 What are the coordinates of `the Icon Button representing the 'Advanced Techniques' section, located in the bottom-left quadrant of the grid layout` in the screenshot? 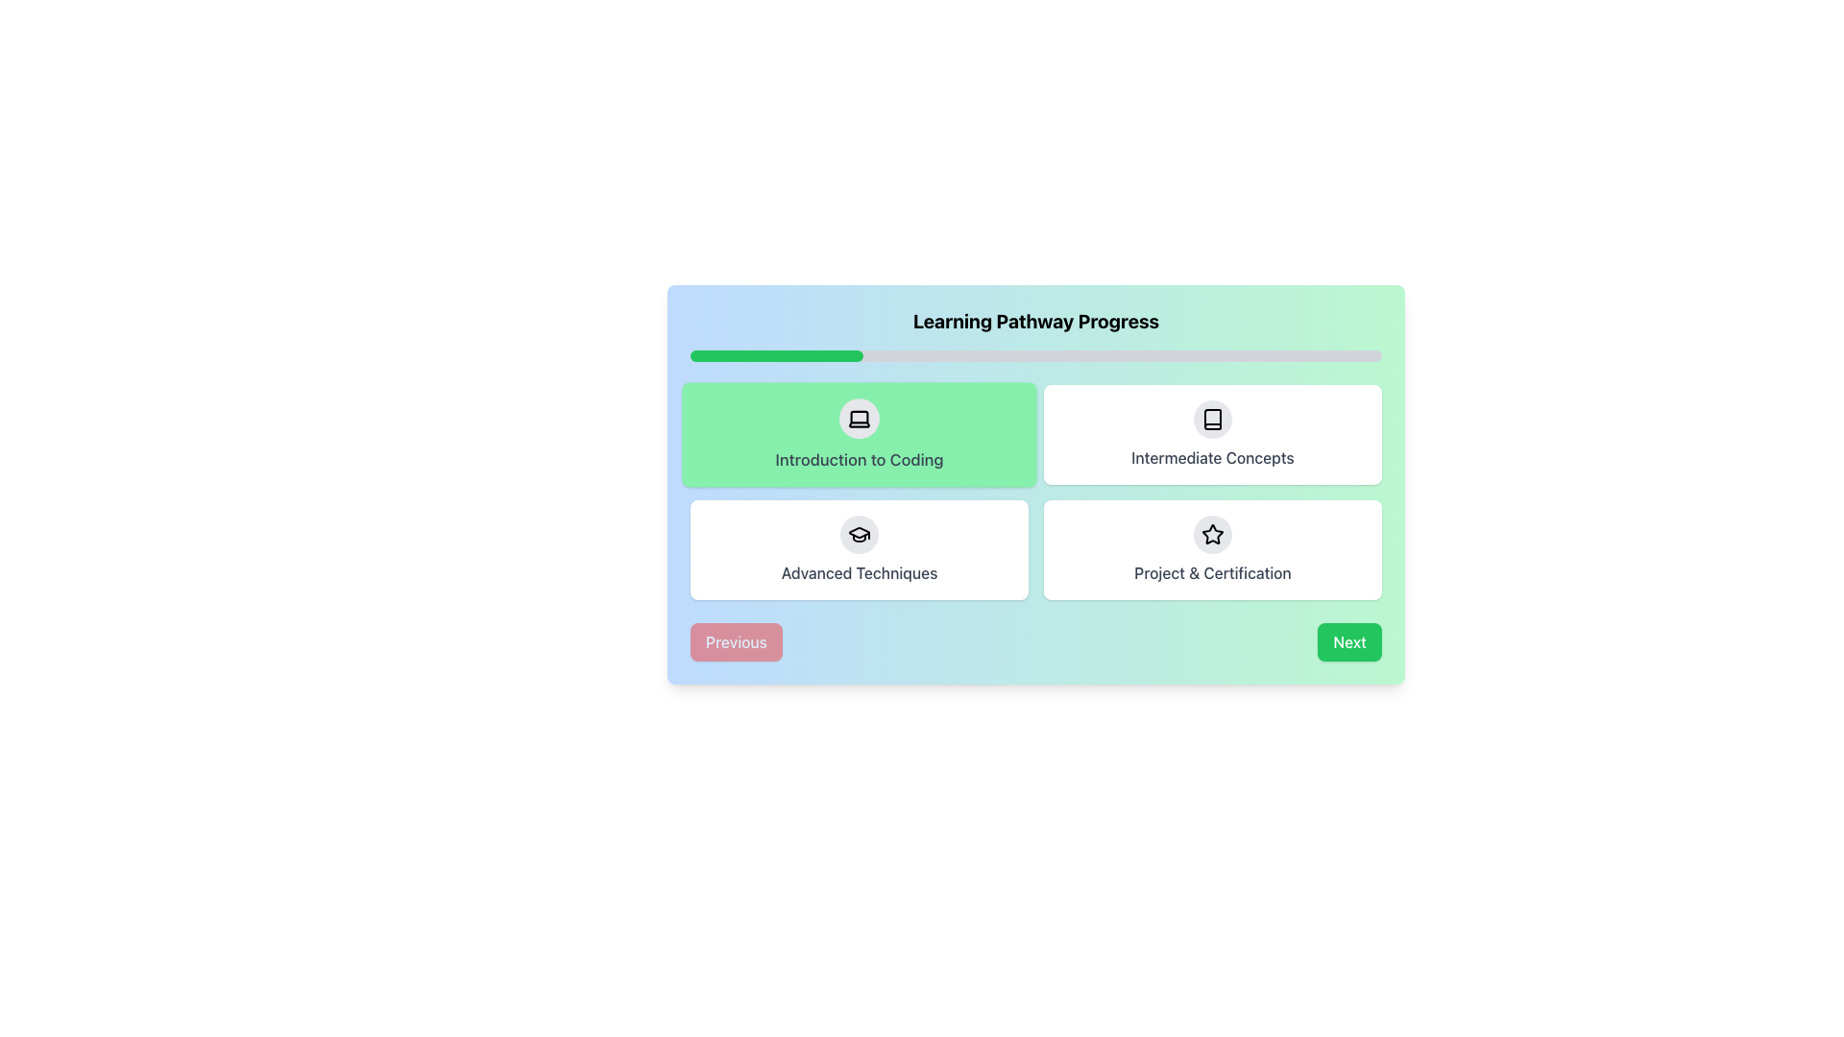 It's located at (858, 534).